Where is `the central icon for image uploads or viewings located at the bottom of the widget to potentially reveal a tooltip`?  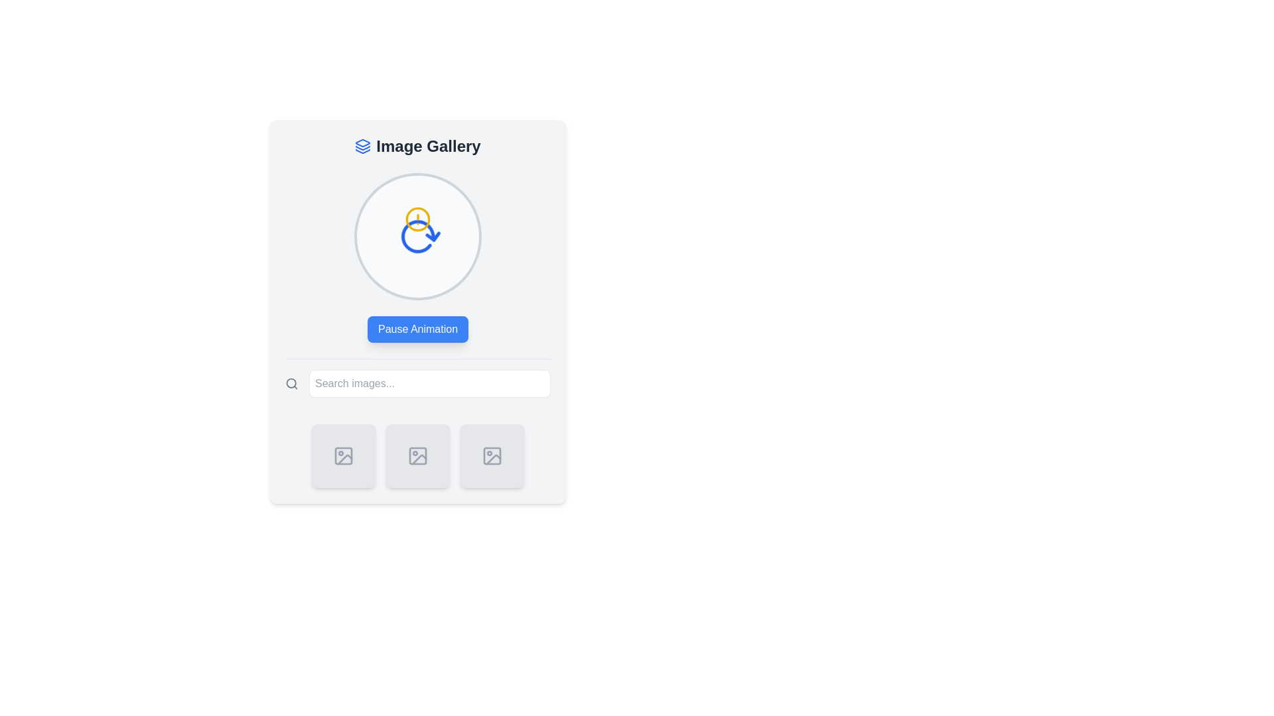
the central icon for image uploads or viewings located at the bottom of the widget to potentially reveal a tooltip is located at coordinates (417, 455).